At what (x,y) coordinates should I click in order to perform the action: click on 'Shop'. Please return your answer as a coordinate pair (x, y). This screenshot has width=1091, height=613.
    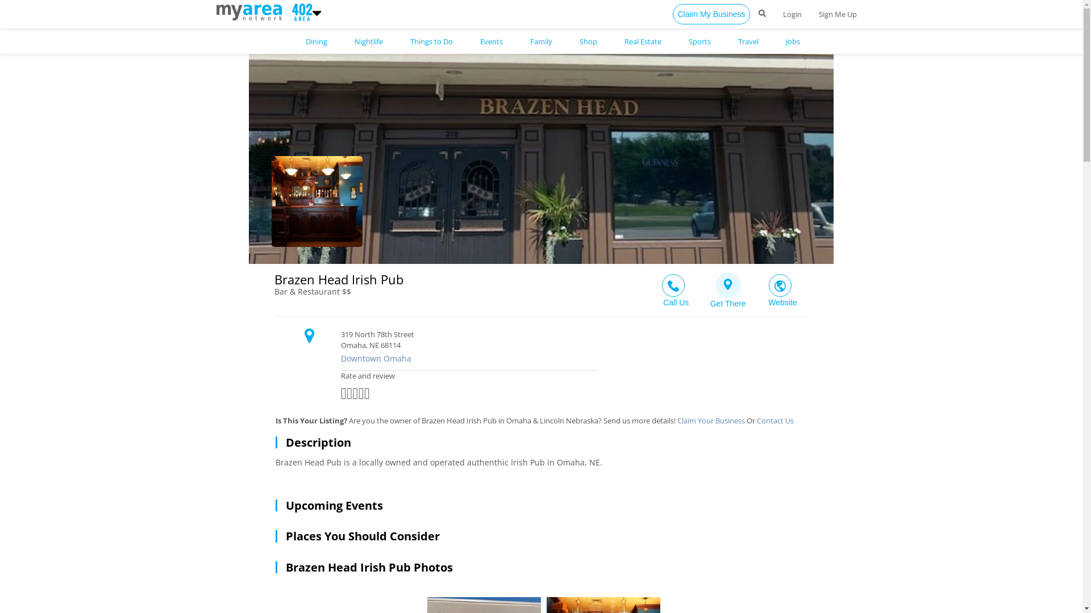
    Looking at the image, I should click on (588, 41).